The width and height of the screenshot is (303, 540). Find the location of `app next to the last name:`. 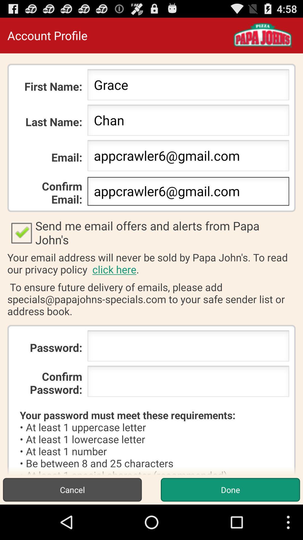

app next to the last name: is located at coordinates (188, 121).